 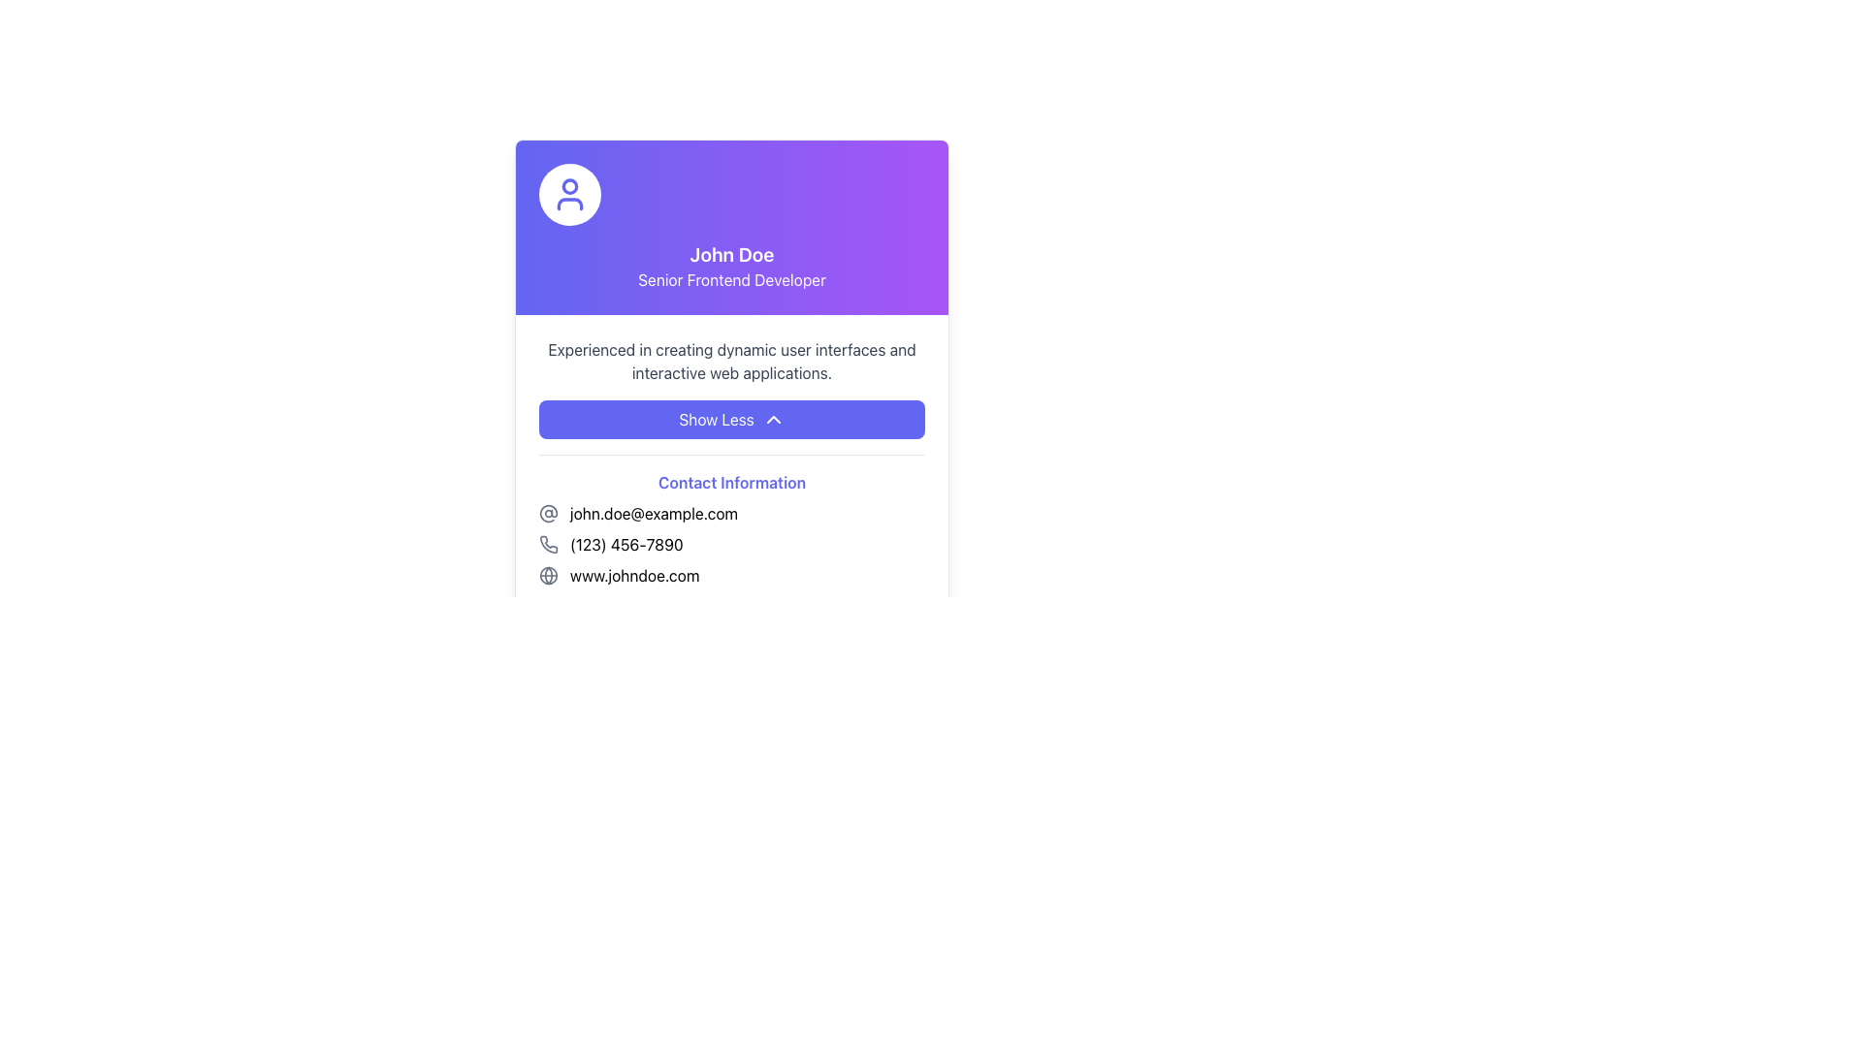 I want to click on the website link in the Information Display Section located below the 'Show Less' button in the card layout, so click(x=730, y=555).